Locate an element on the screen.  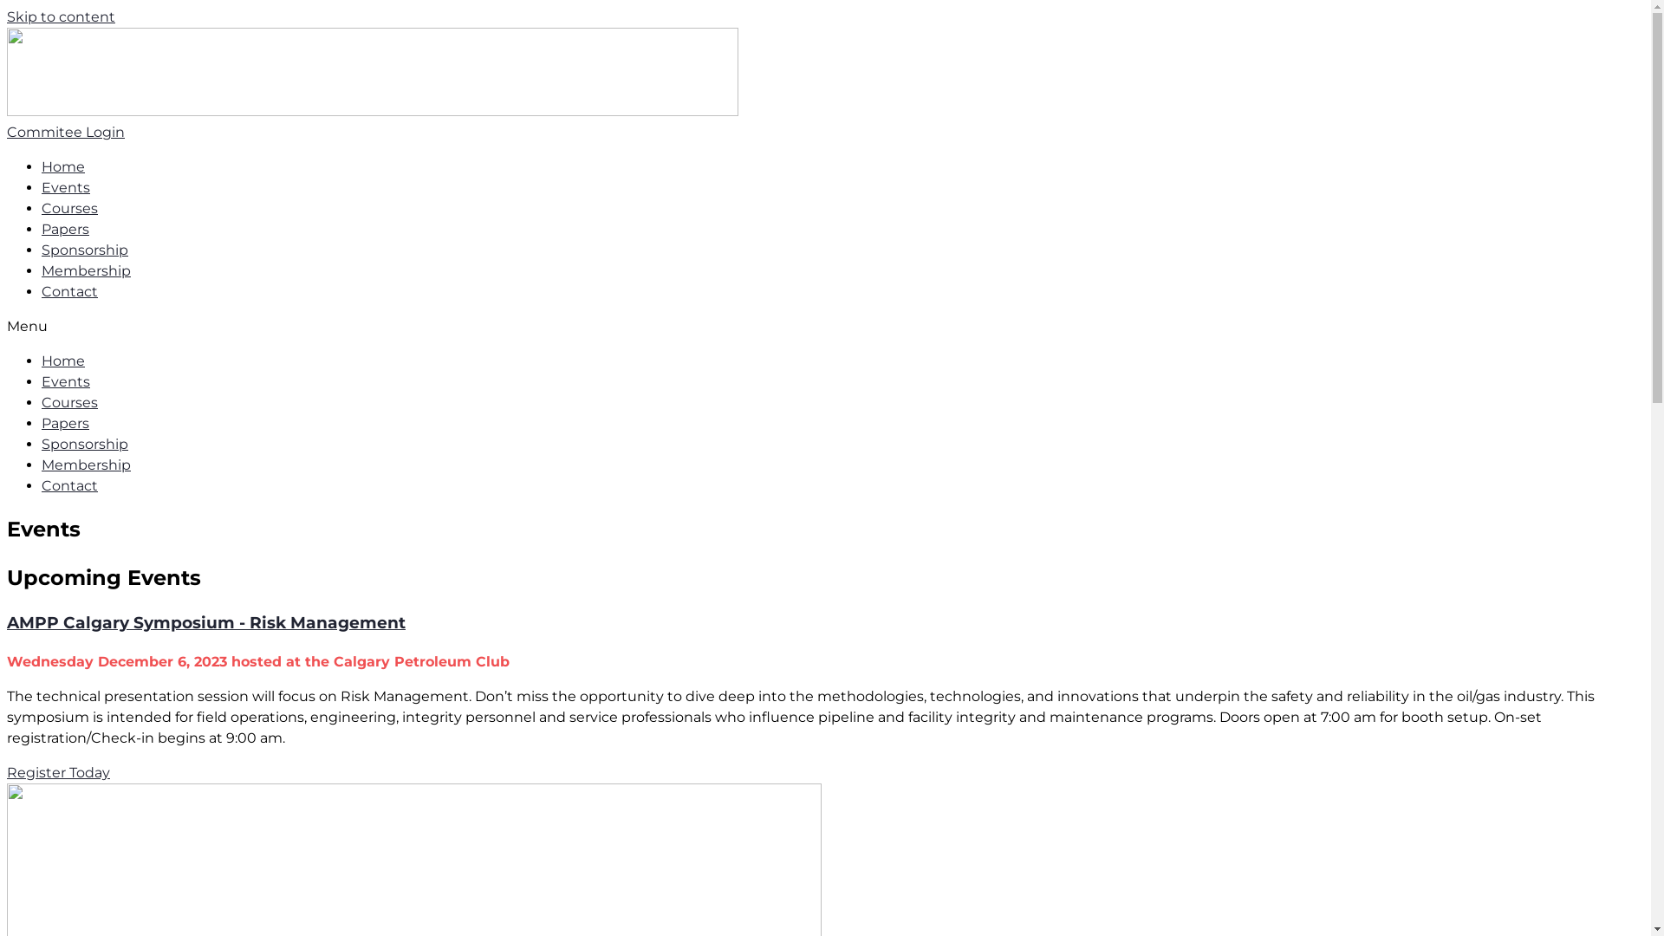
'AMPP Calgary Symposium - Risk Management' is located at coordinates (206, 621).